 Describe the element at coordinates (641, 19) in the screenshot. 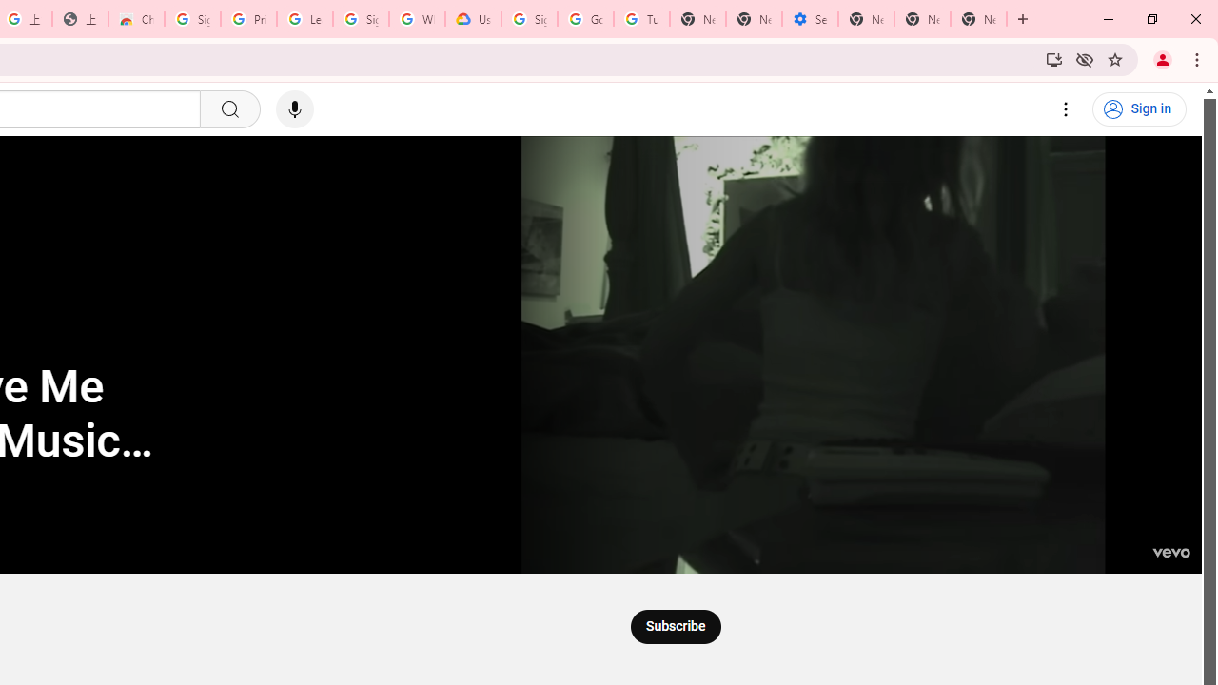

I see `'Turn cookies on or off - Computer - Google Account Help'` at that location.